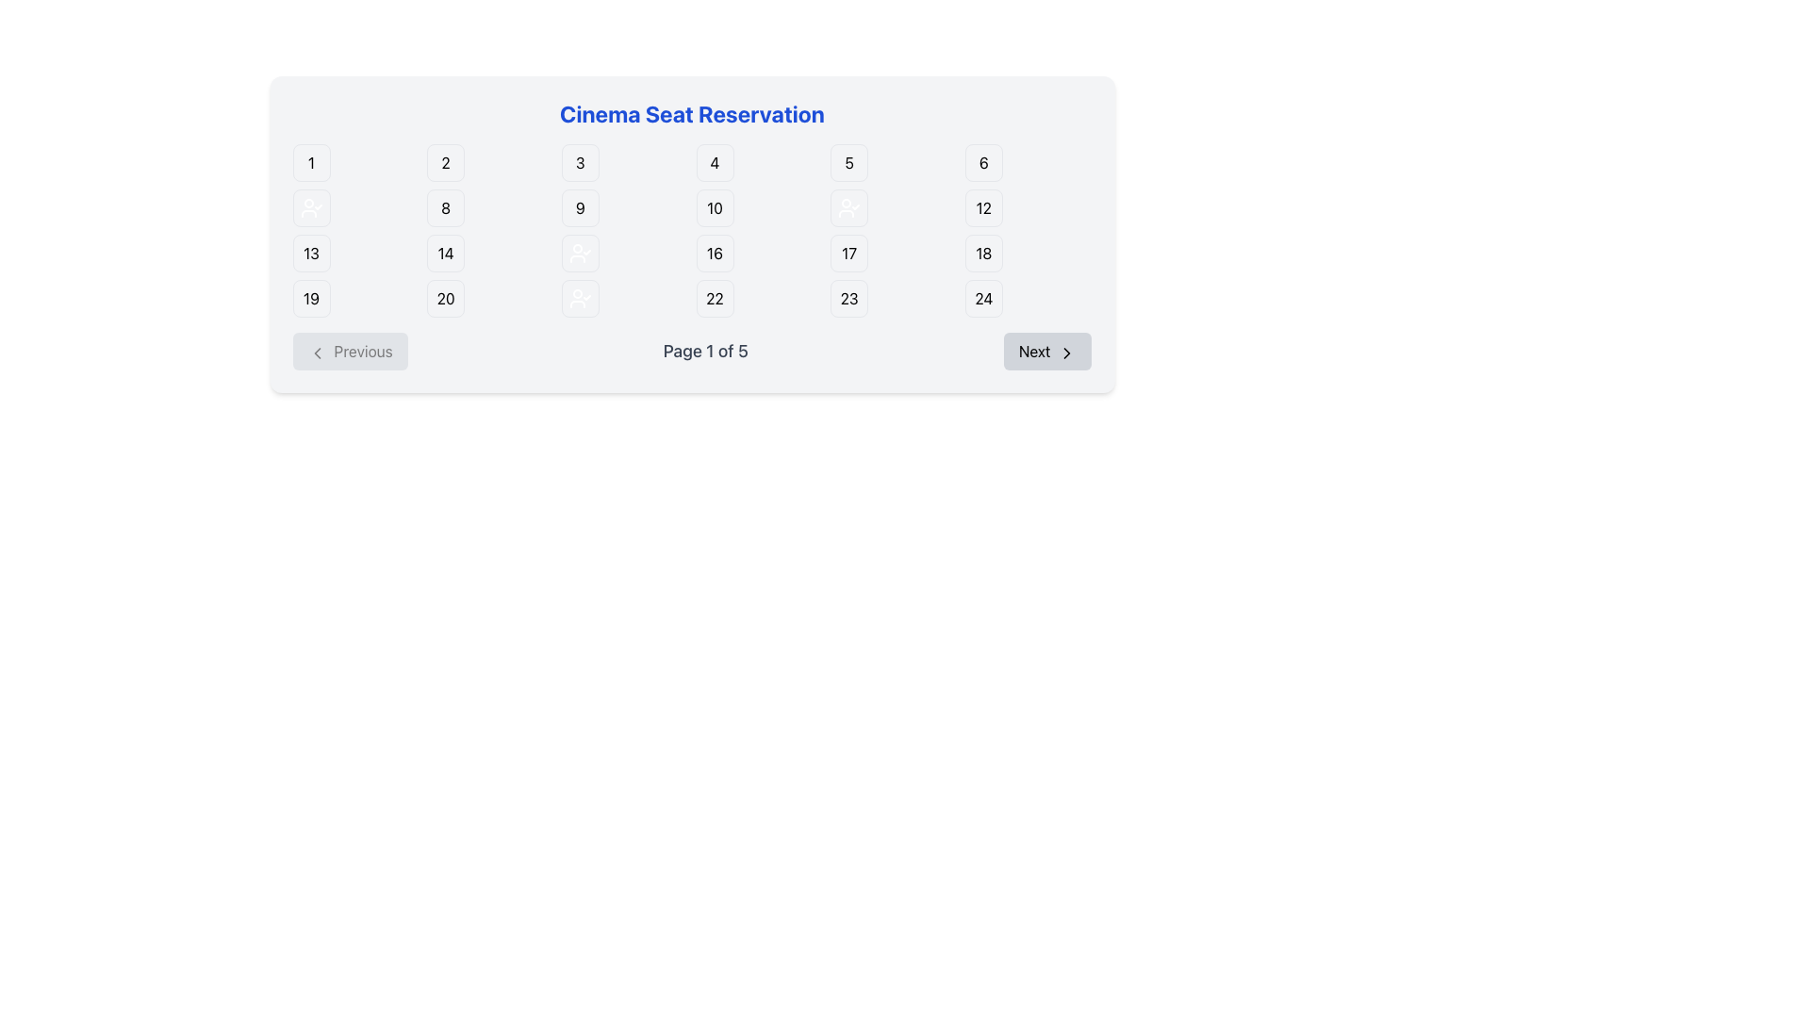 The height and width of the screenshot is (1018, 1810). What do you see at coordinates (1046, 352) in the screenshot?
I see `the 'Next' button located at the bottom-right of the navigation controls` at bounding box center [1046, 352].